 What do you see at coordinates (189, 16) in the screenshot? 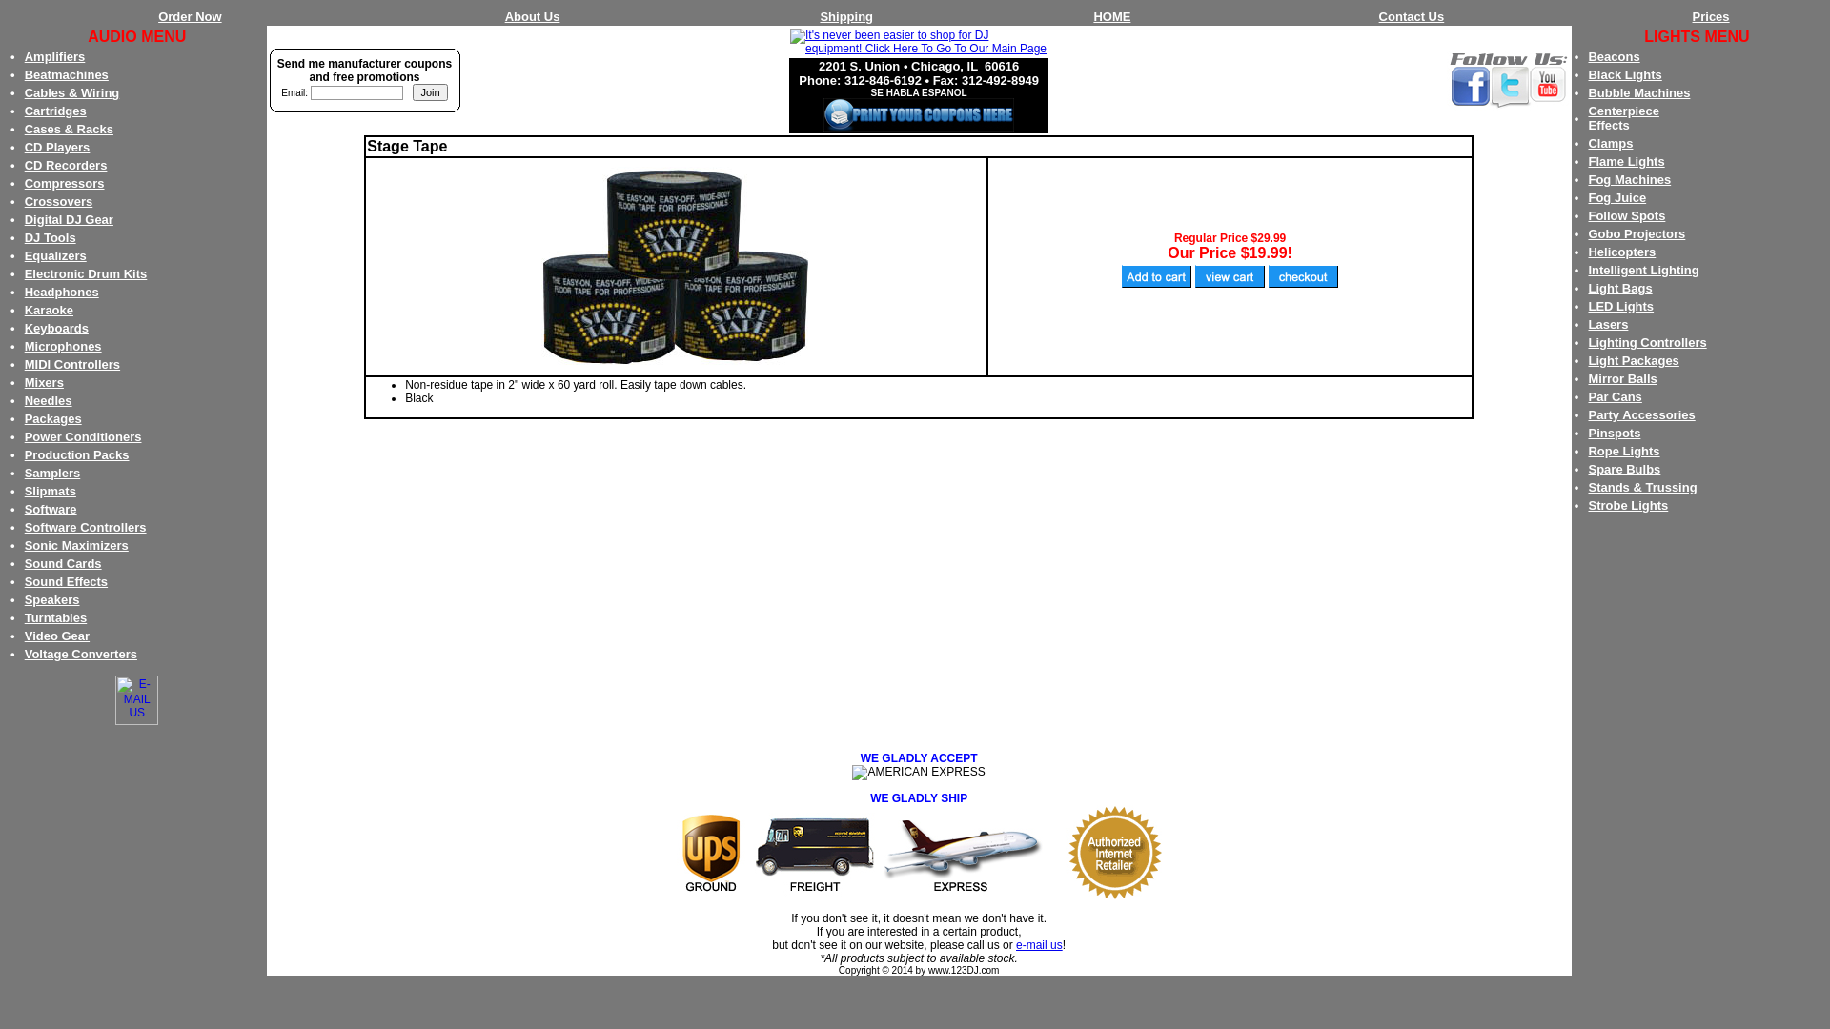
I see `'Order Now'` at bounding box center [189, 16].